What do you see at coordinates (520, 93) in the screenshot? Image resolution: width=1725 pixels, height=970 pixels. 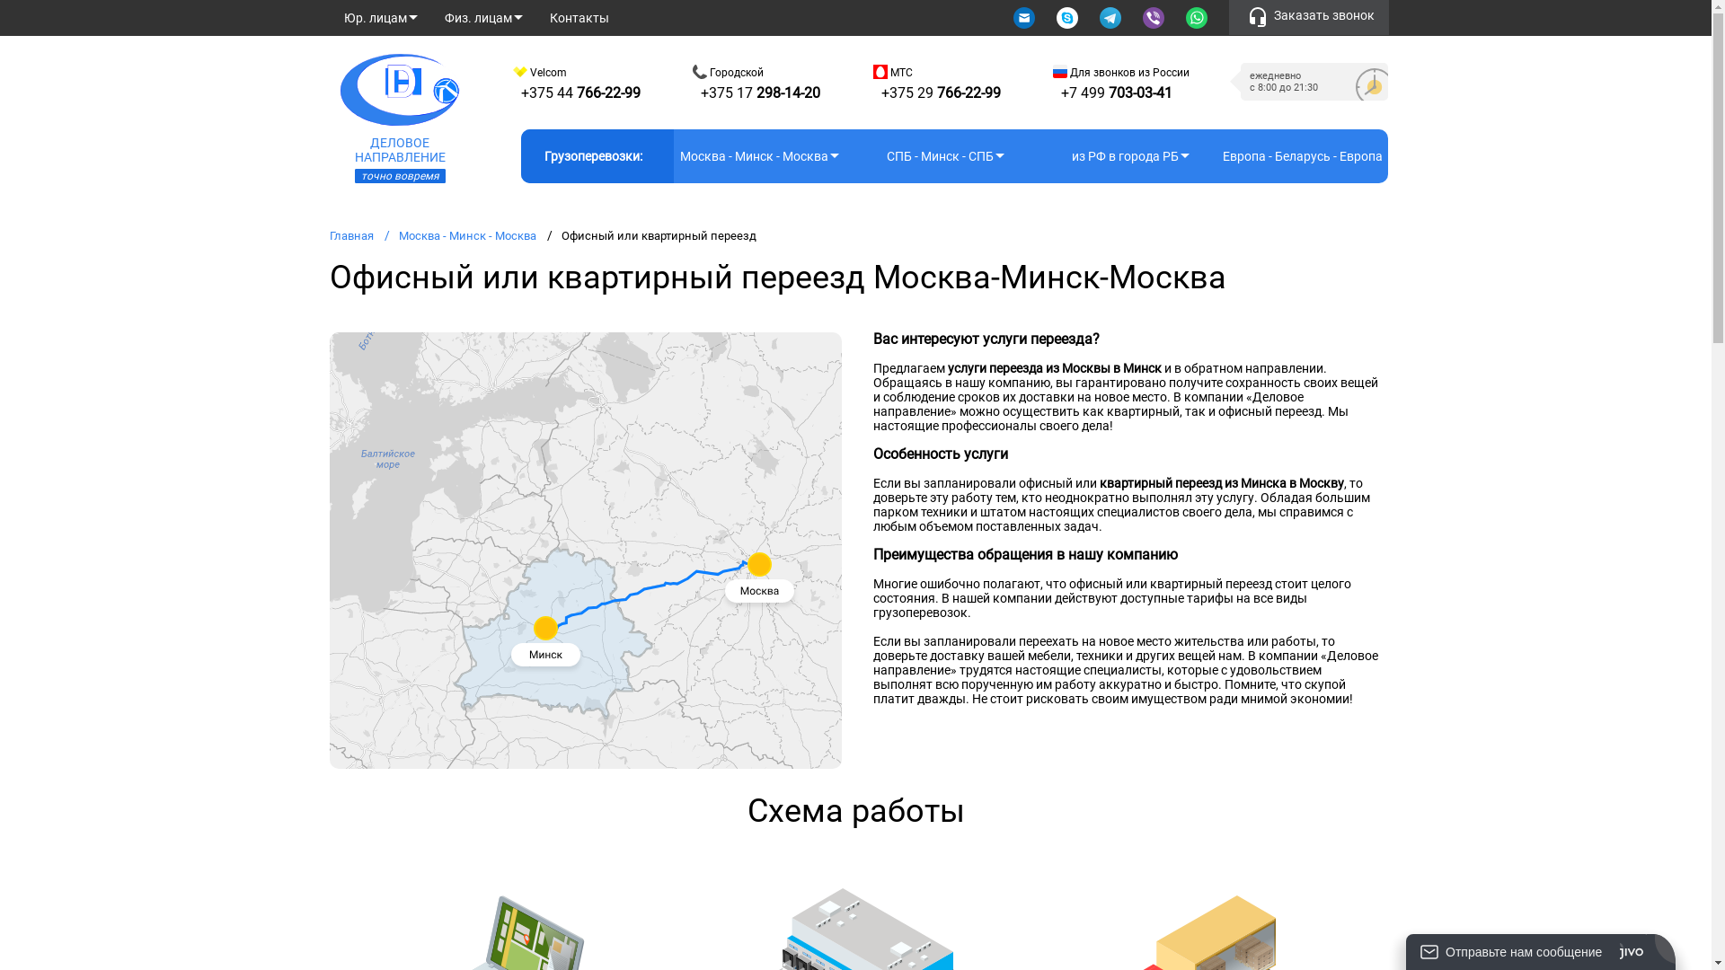 I see `'+375 44 766-22-99'` at bounding box center [520, 93].